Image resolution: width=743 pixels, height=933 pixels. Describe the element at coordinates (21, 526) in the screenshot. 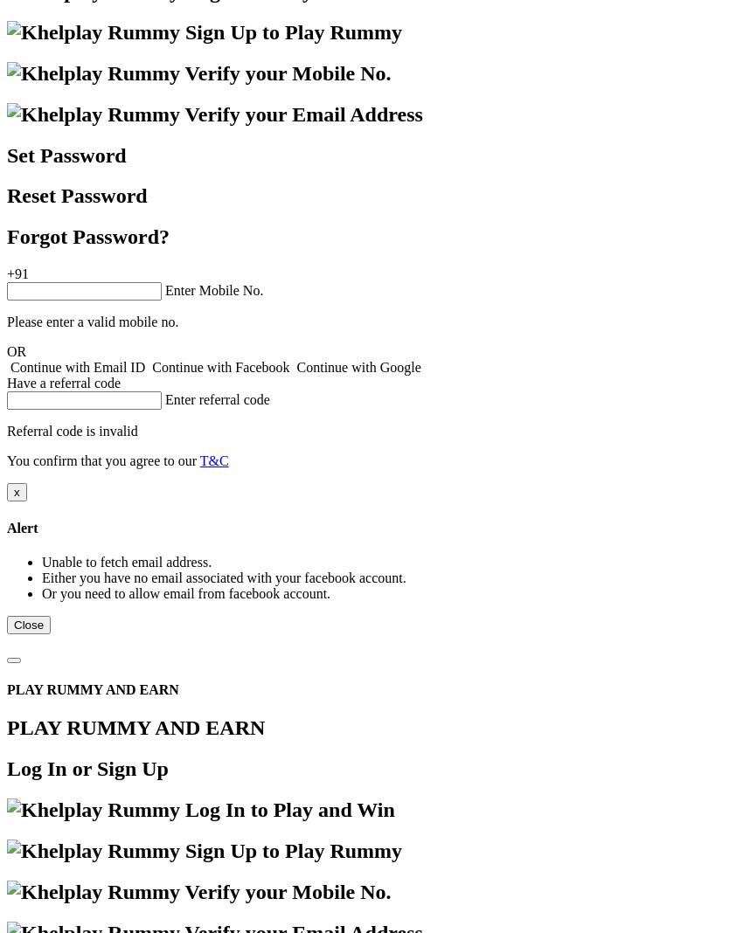

I see `'Alert'` at that location.